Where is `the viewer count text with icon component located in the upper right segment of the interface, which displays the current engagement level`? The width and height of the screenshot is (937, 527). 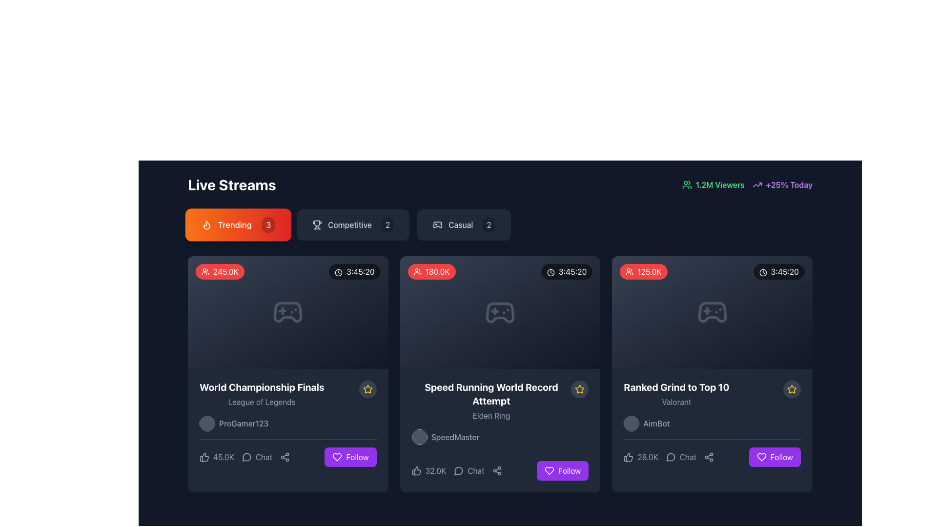
the viewer count text with icon component located in the upper right segment of the interface, which displays the current engagement level is located at coordinates (713, 184).